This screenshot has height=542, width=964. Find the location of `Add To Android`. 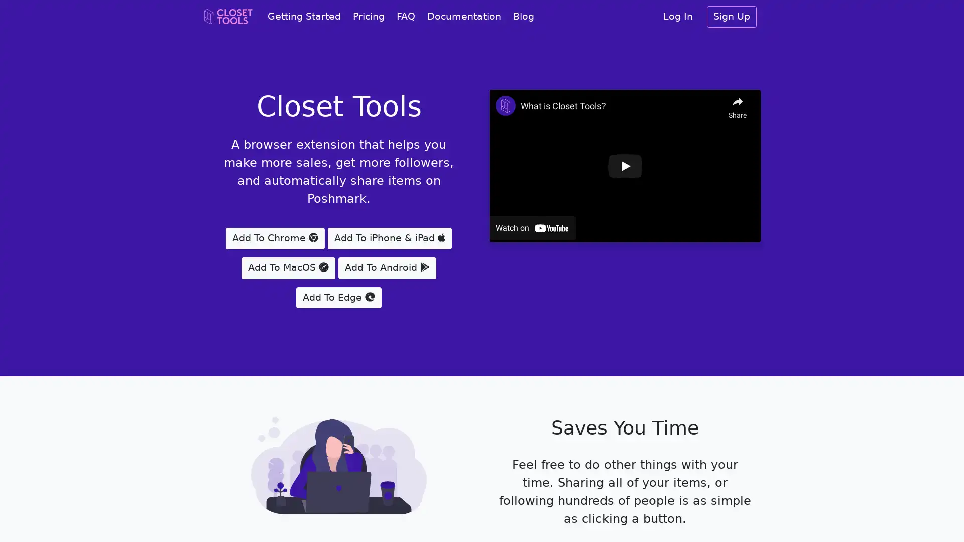

Add To Android is located at coordinates (386, 267).